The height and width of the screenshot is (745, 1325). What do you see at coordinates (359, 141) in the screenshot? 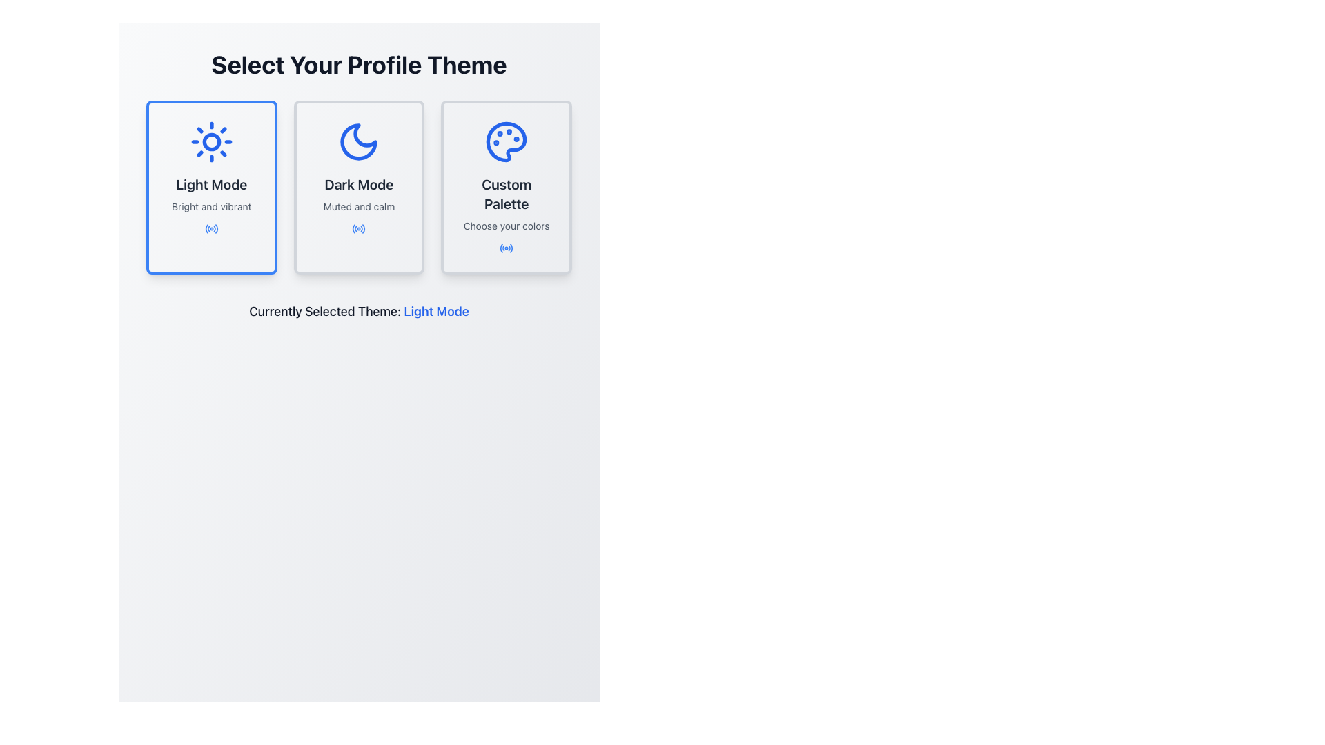
I see `the crescent moon icon representing 'Dark Mode', which is located at the center-top of the card labeled 'Dark Mode'` at bounding box center [359, 141].